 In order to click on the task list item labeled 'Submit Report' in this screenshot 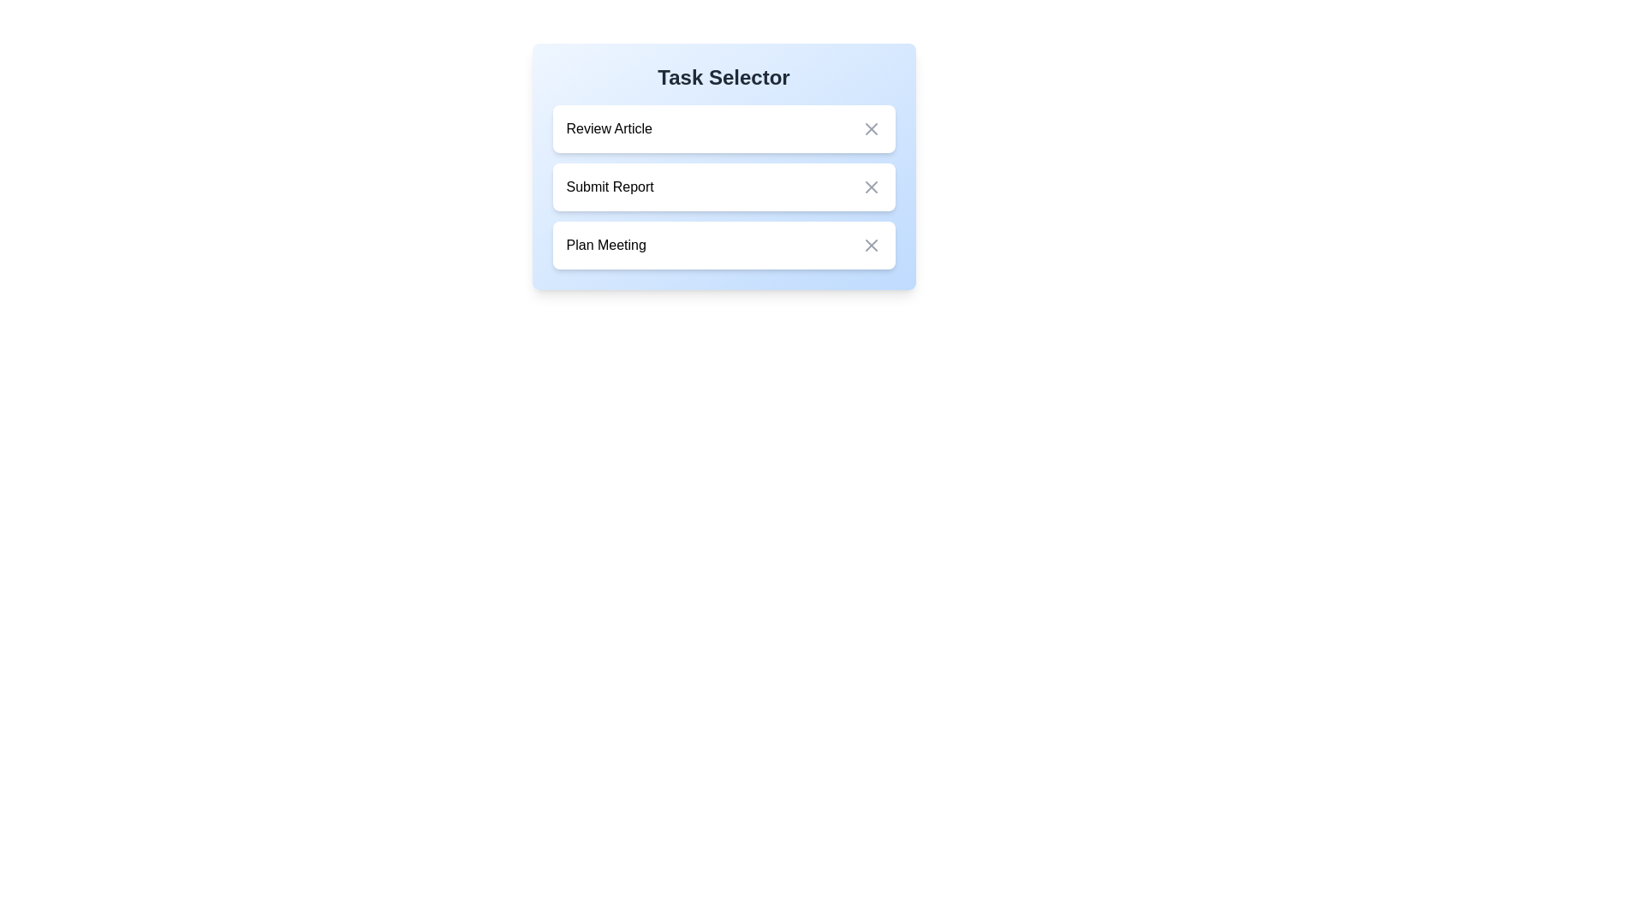, I will do `click(724, 187)`.